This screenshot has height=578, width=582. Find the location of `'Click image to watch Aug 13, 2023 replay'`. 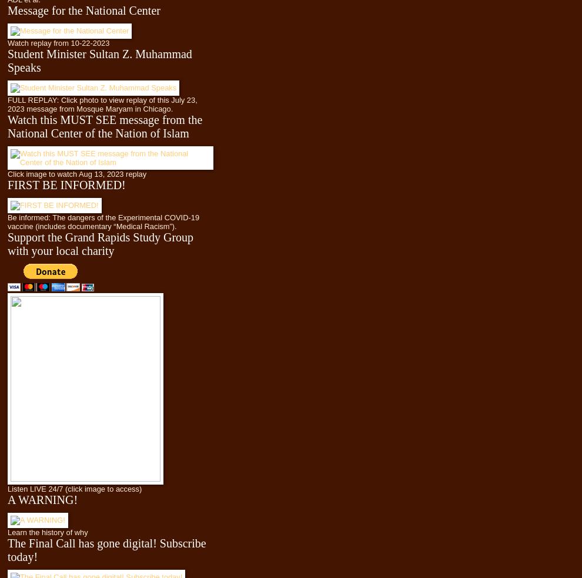

'Click image to watch Aug 13, 2023 replay' is located at coordinates (76, 173).